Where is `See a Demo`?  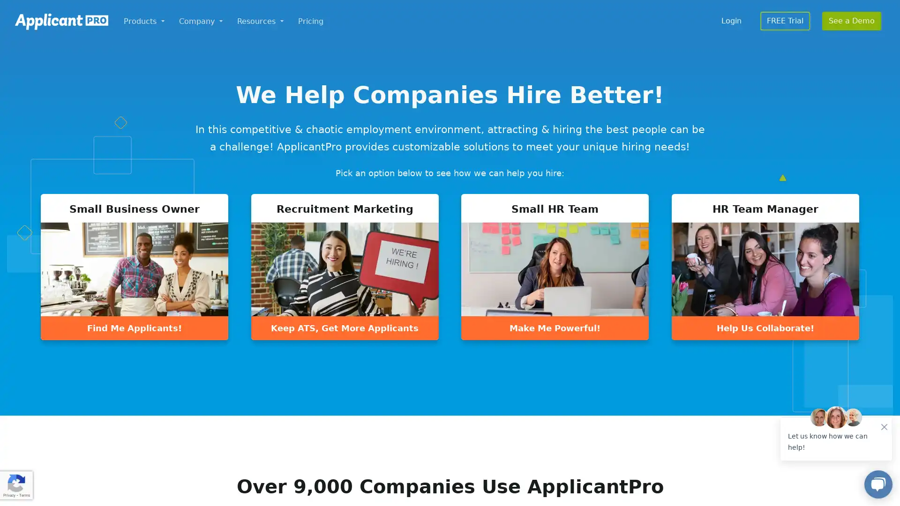
See a Demo is located at coordinates (852, 21).